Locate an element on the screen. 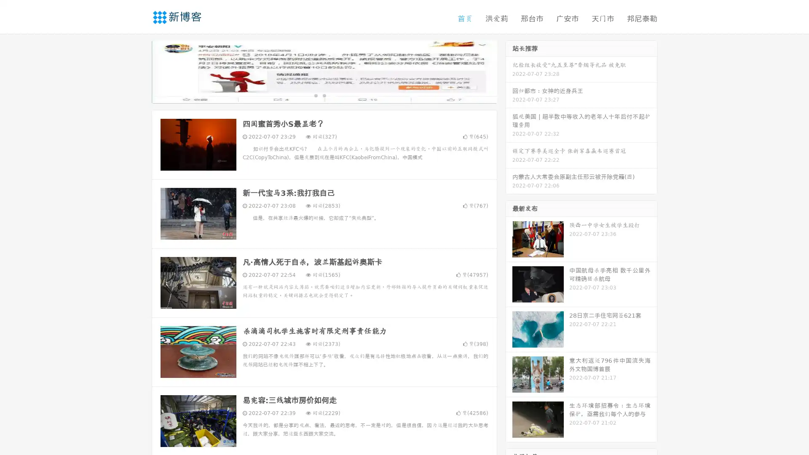 This screenshot has height=455, width=809. Go to slide 3 is located at coordinates (332, 95).